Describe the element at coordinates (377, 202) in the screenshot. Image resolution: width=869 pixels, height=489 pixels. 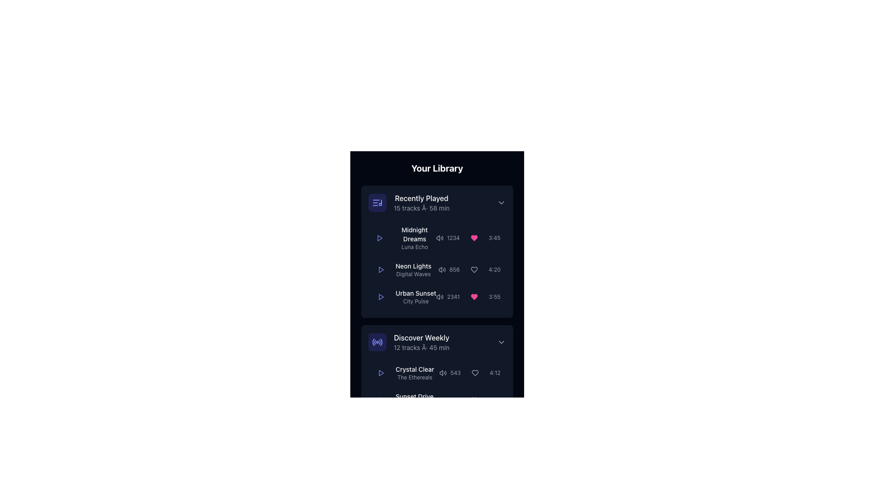
I see `the 'Recently Played' icon button located at the top-left corner of the 'Recently Played' section` at that location.